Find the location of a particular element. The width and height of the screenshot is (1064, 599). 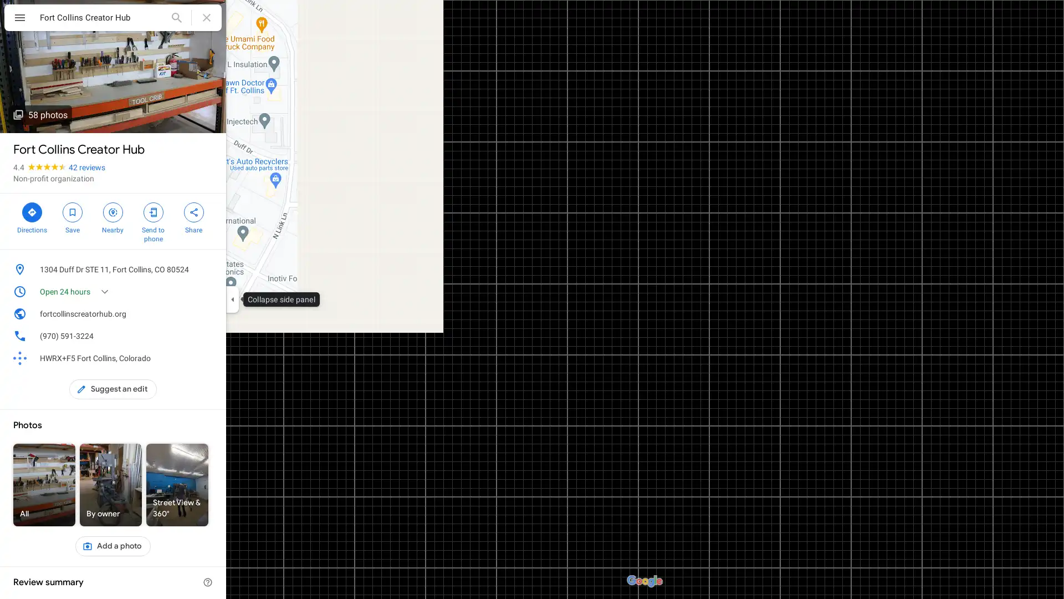

4.4 stars is located at coordinates (40, 167).